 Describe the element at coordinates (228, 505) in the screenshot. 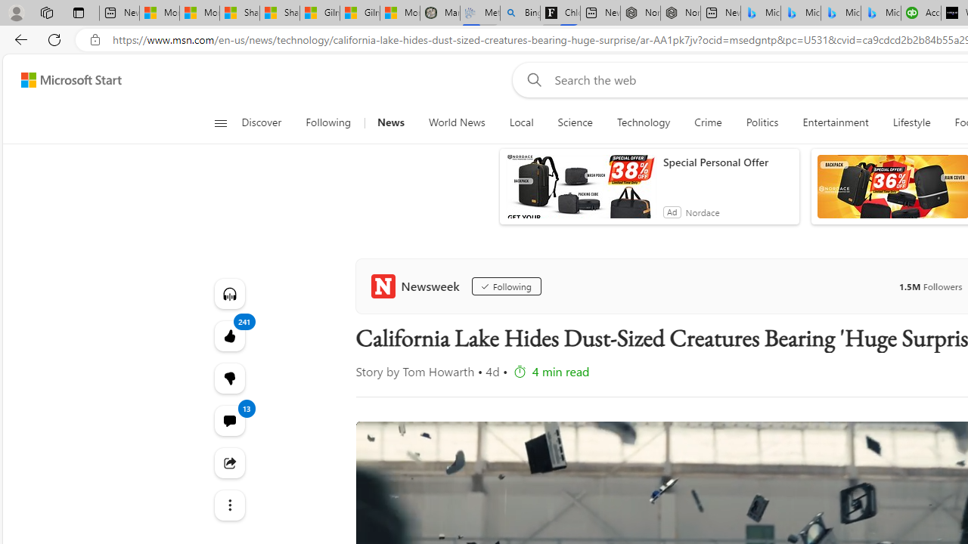

I see `'See more'` at that location.